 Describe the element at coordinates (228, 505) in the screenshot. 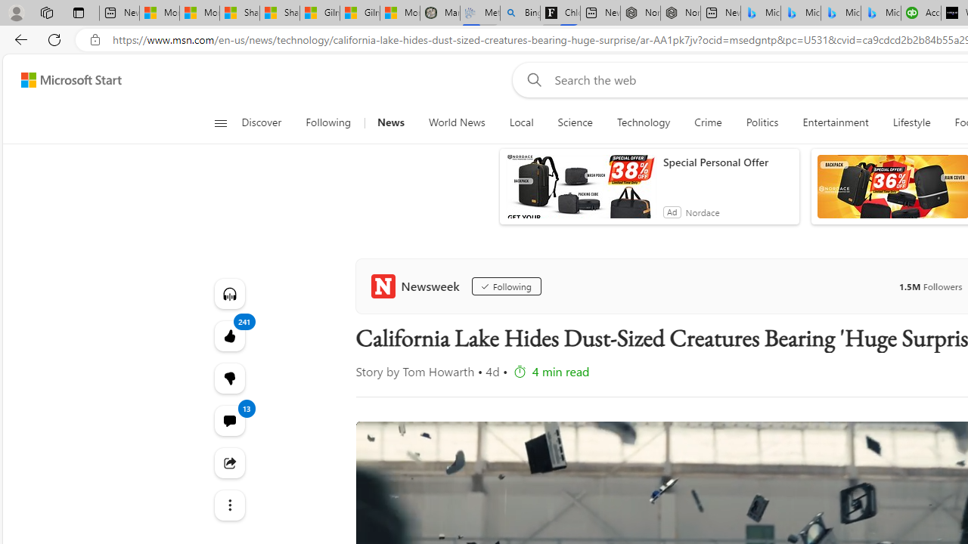

I see `'See more'` at that location.